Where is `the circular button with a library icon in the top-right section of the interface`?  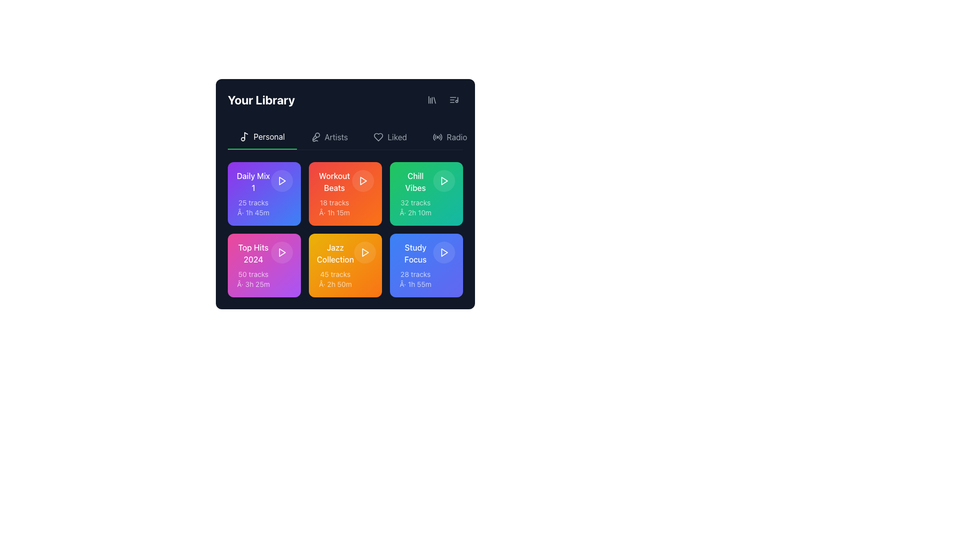
the circular button with a library icon in the top-right section of the interface is located at coordinates (432, 99).